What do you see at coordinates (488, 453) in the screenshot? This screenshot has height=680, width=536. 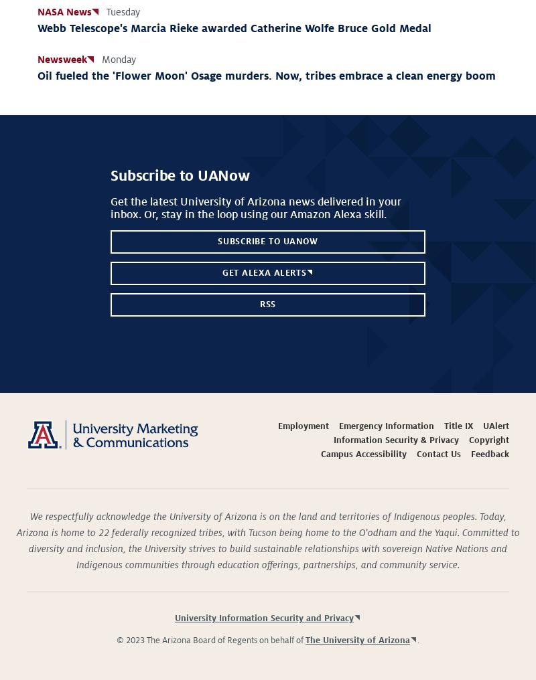 I see `'Feedback'` at bounding box center [488, 453].